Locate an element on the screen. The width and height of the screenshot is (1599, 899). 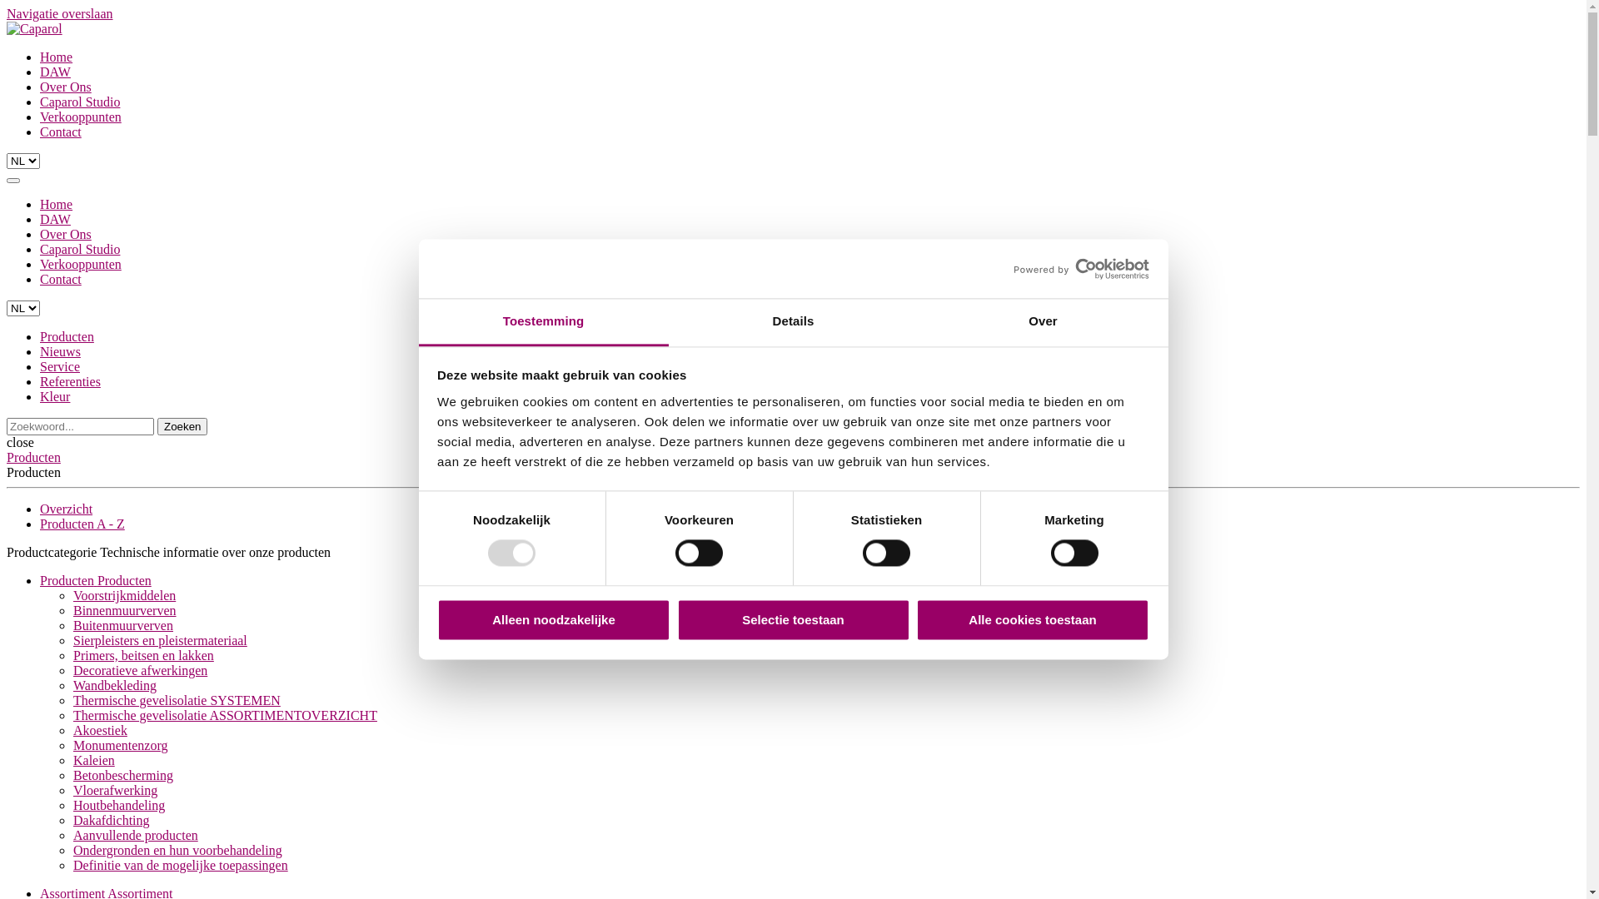
'Akoestiek' is located at coordinates (72, 729).